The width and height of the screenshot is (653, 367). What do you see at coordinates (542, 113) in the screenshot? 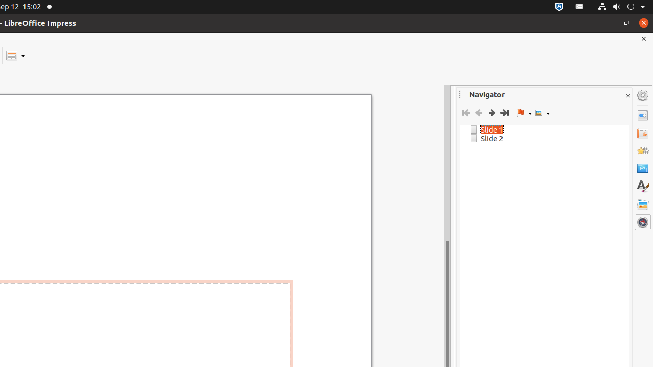
I see `'Show Shapes'` at bounding box center [542, 113].